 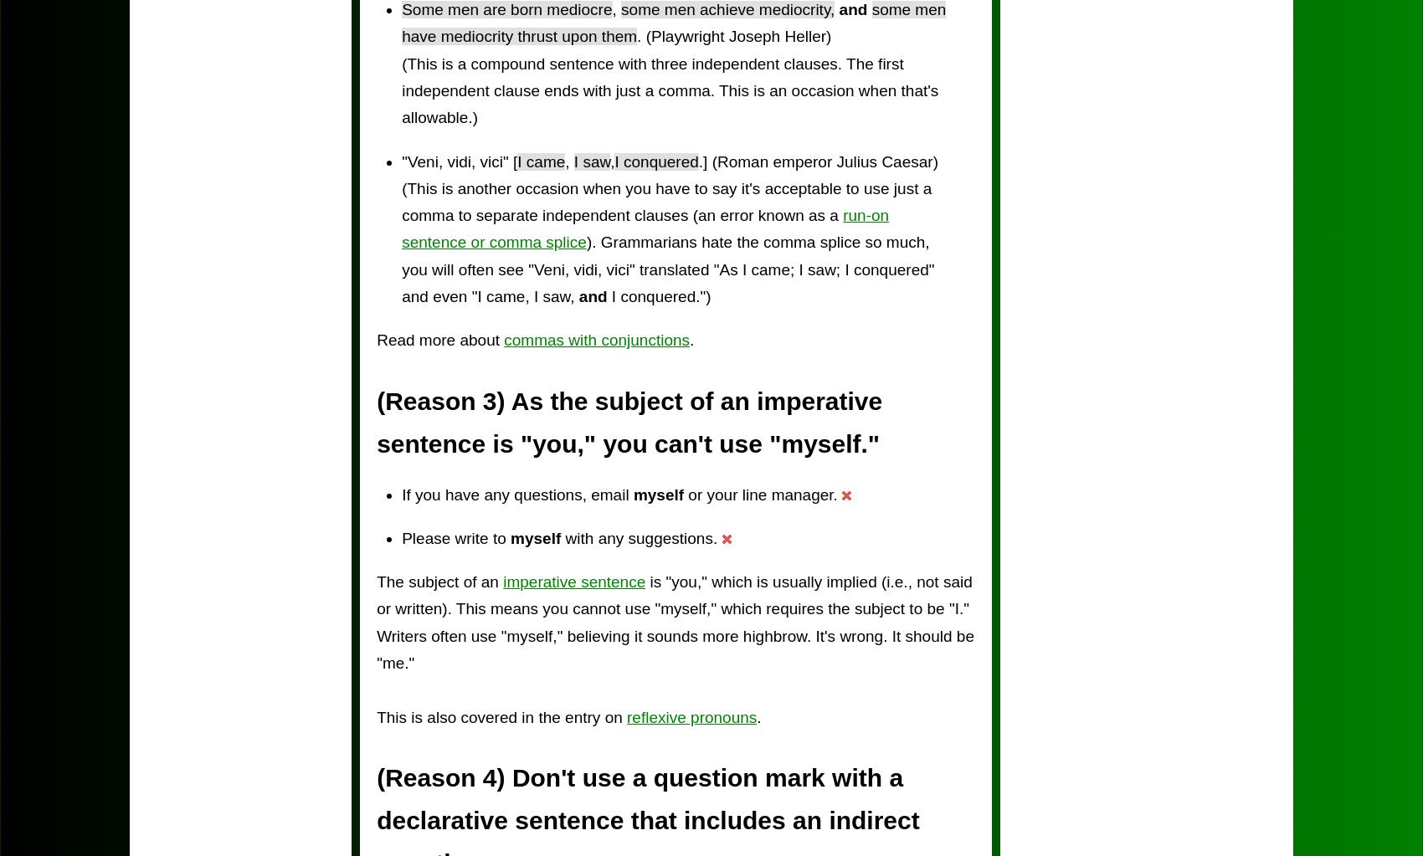 What do you see at coordinates (541, 161) in the screenshot?
I see `'I came'` at bounding box center [541, 161].